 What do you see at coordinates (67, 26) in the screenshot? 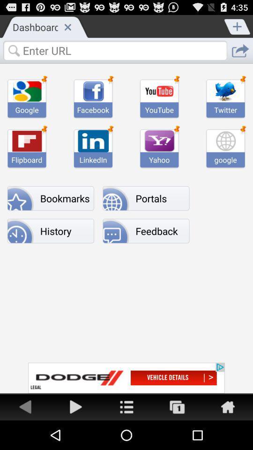
I see `tab` at bounding box center [67, 26].